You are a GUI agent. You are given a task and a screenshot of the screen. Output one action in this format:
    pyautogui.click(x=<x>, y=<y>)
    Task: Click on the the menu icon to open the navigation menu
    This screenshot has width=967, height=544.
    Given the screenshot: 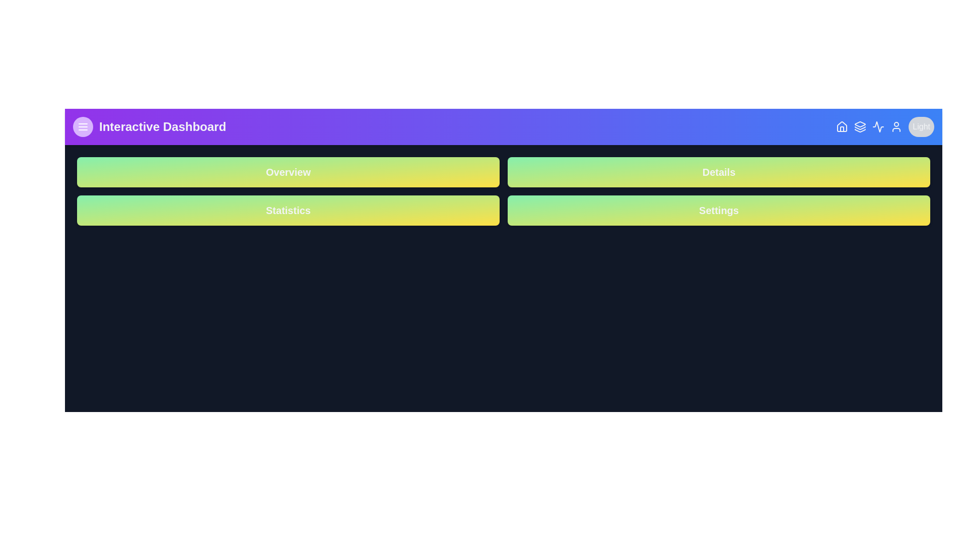 What is the action you would take?
    pyautogui.click(x=83, y=126)
    